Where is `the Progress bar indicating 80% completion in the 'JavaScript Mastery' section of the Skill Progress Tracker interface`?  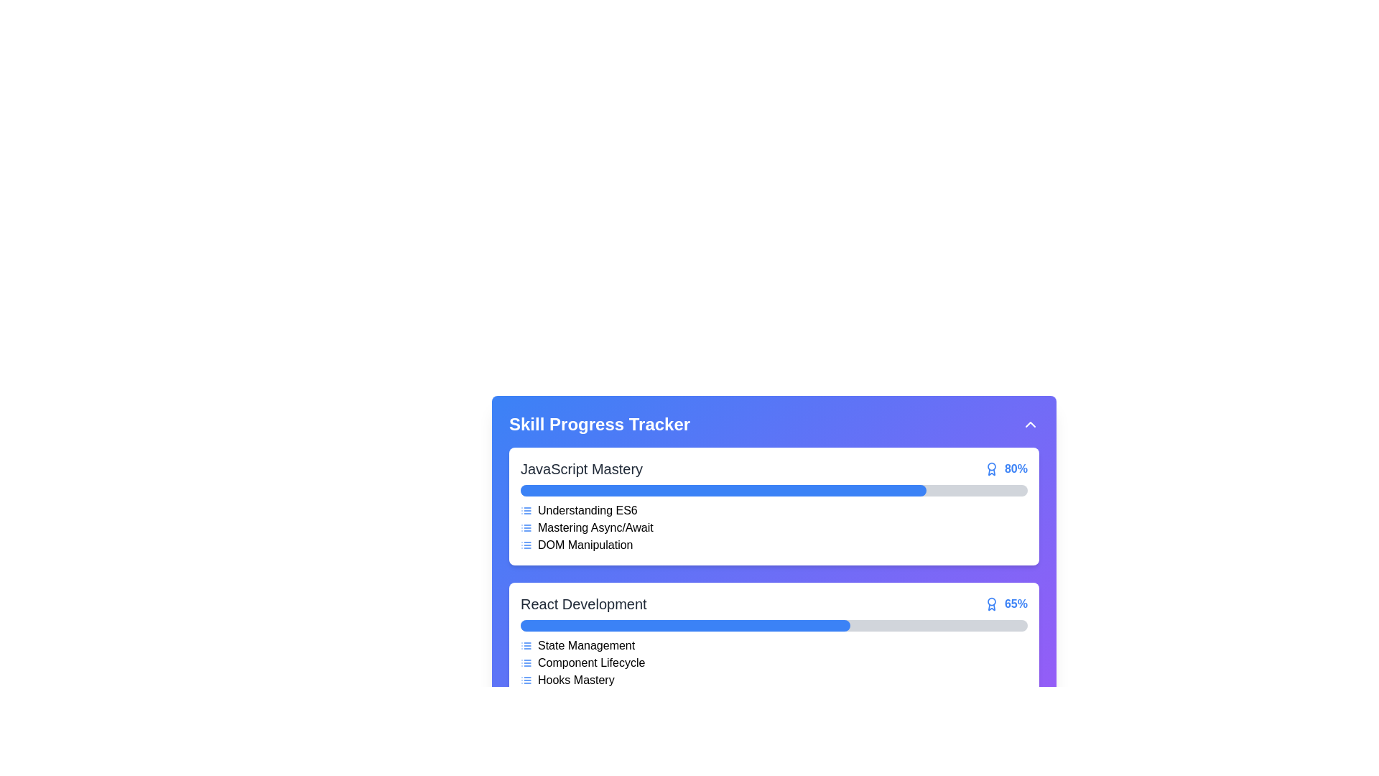 the Progress bar indicating 80% completion in the 'JavaScript Mastery' section of the Skill Progress Tracker interface is located at coordinates (774, 489).